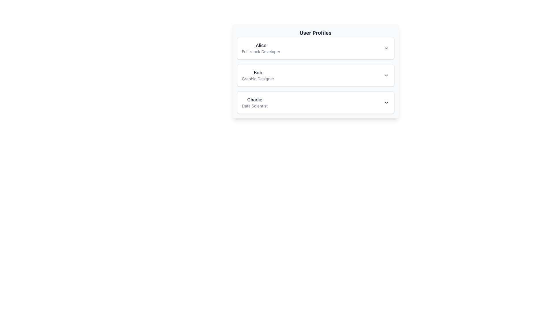 The height and width of the screenshot is (312, 555). What do you see at coordinates (261, 45) in the screenshot?
I see `the text label displaying 'Alice' in bold font, positioned prominently at the top of a user profile entry` at bounding box center [261, 45].